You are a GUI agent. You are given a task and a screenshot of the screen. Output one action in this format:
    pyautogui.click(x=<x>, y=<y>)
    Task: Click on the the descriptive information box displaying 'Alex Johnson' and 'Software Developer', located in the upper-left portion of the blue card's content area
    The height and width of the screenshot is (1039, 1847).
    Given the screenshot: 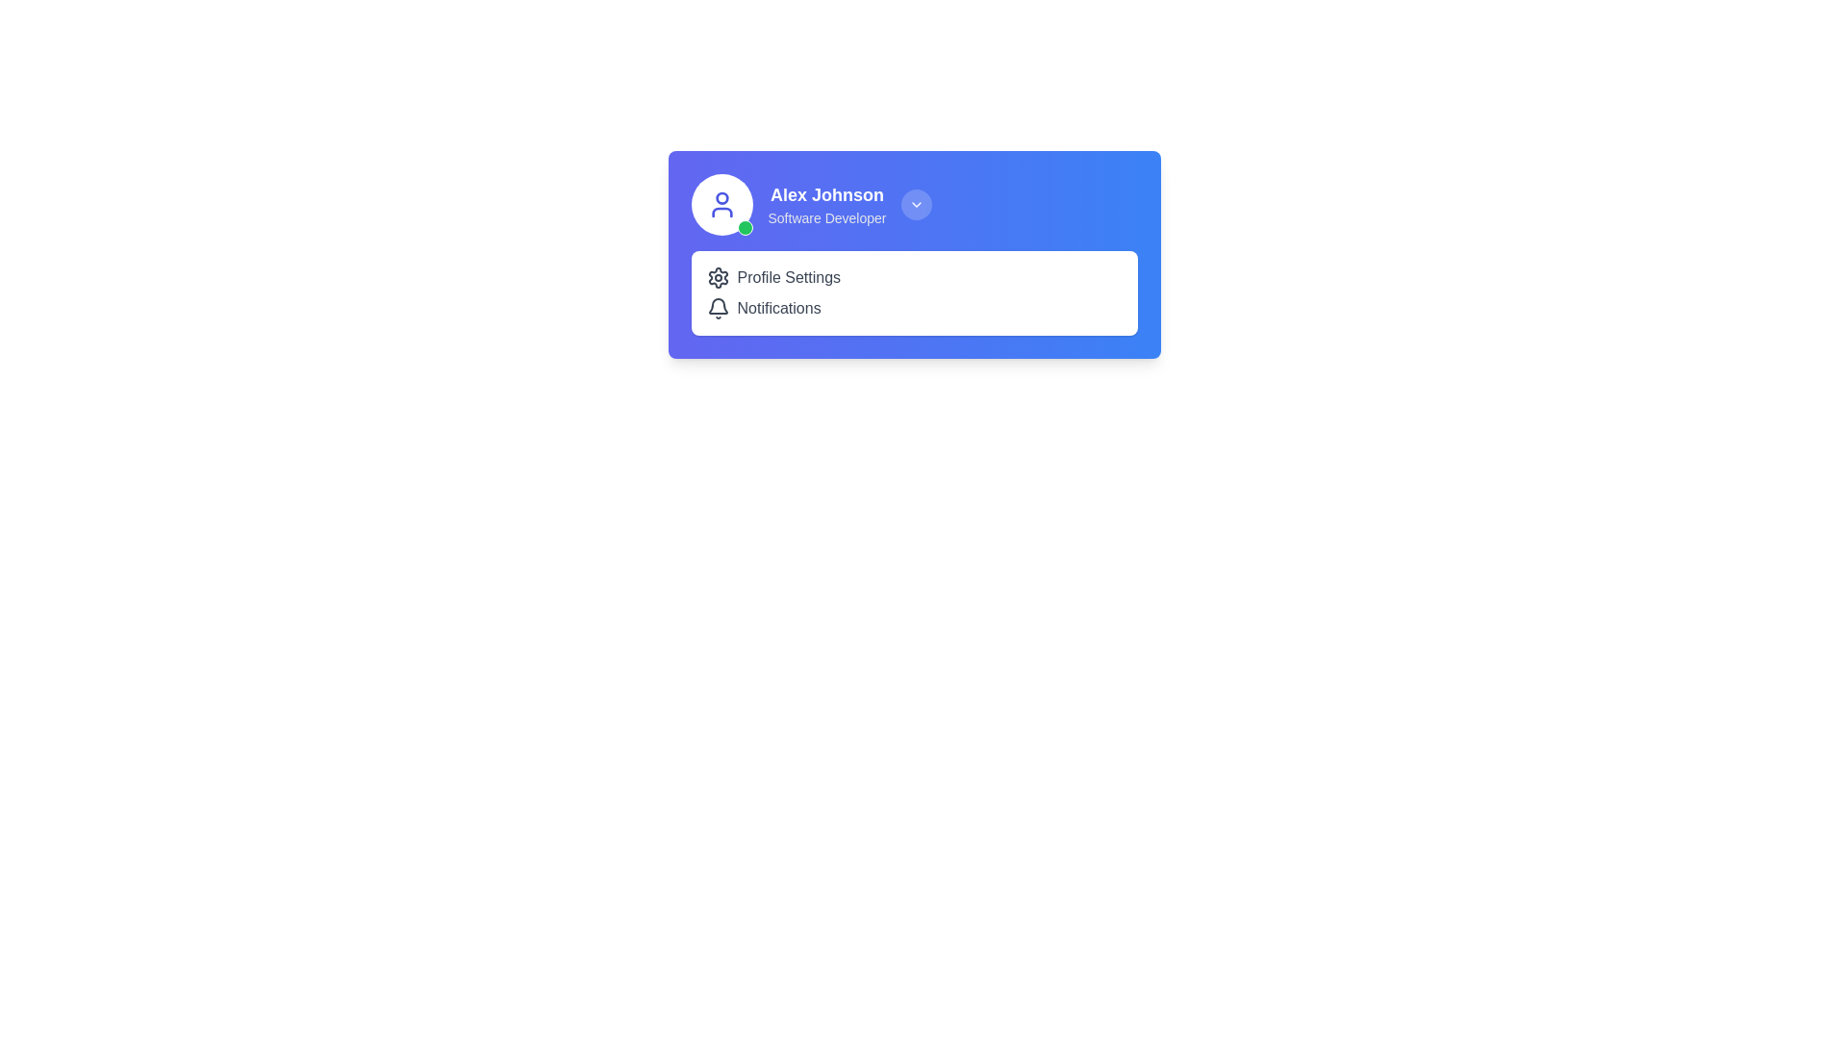 What is the action you would take?
    pyautogui.click(x=826, y=204)
    